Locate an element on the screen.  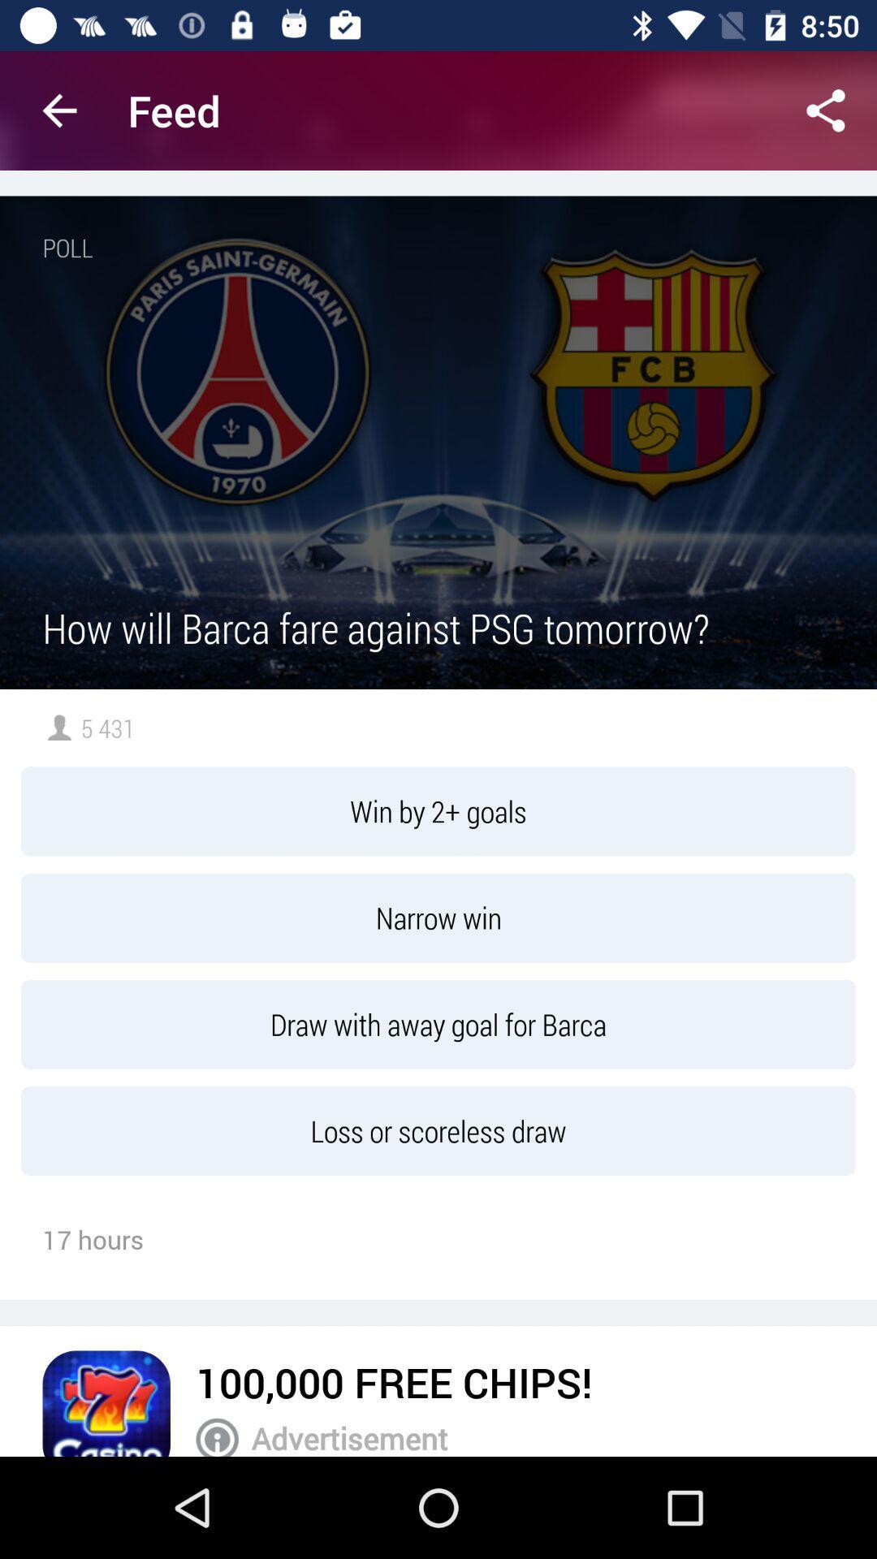
link to download a casino app is located at coordinates (106, 1402).